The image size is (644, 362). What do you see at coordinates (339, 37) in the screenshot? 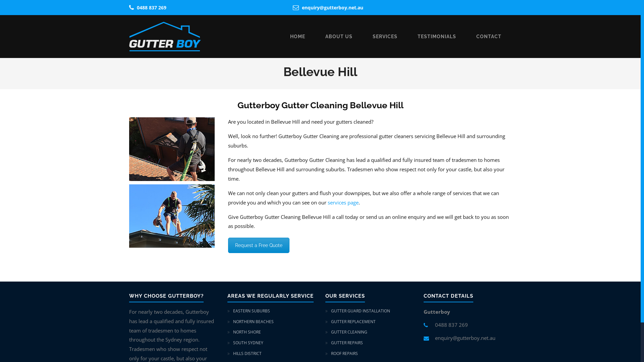
I see `'ABOUT US'` at bounding box center [339, 37].